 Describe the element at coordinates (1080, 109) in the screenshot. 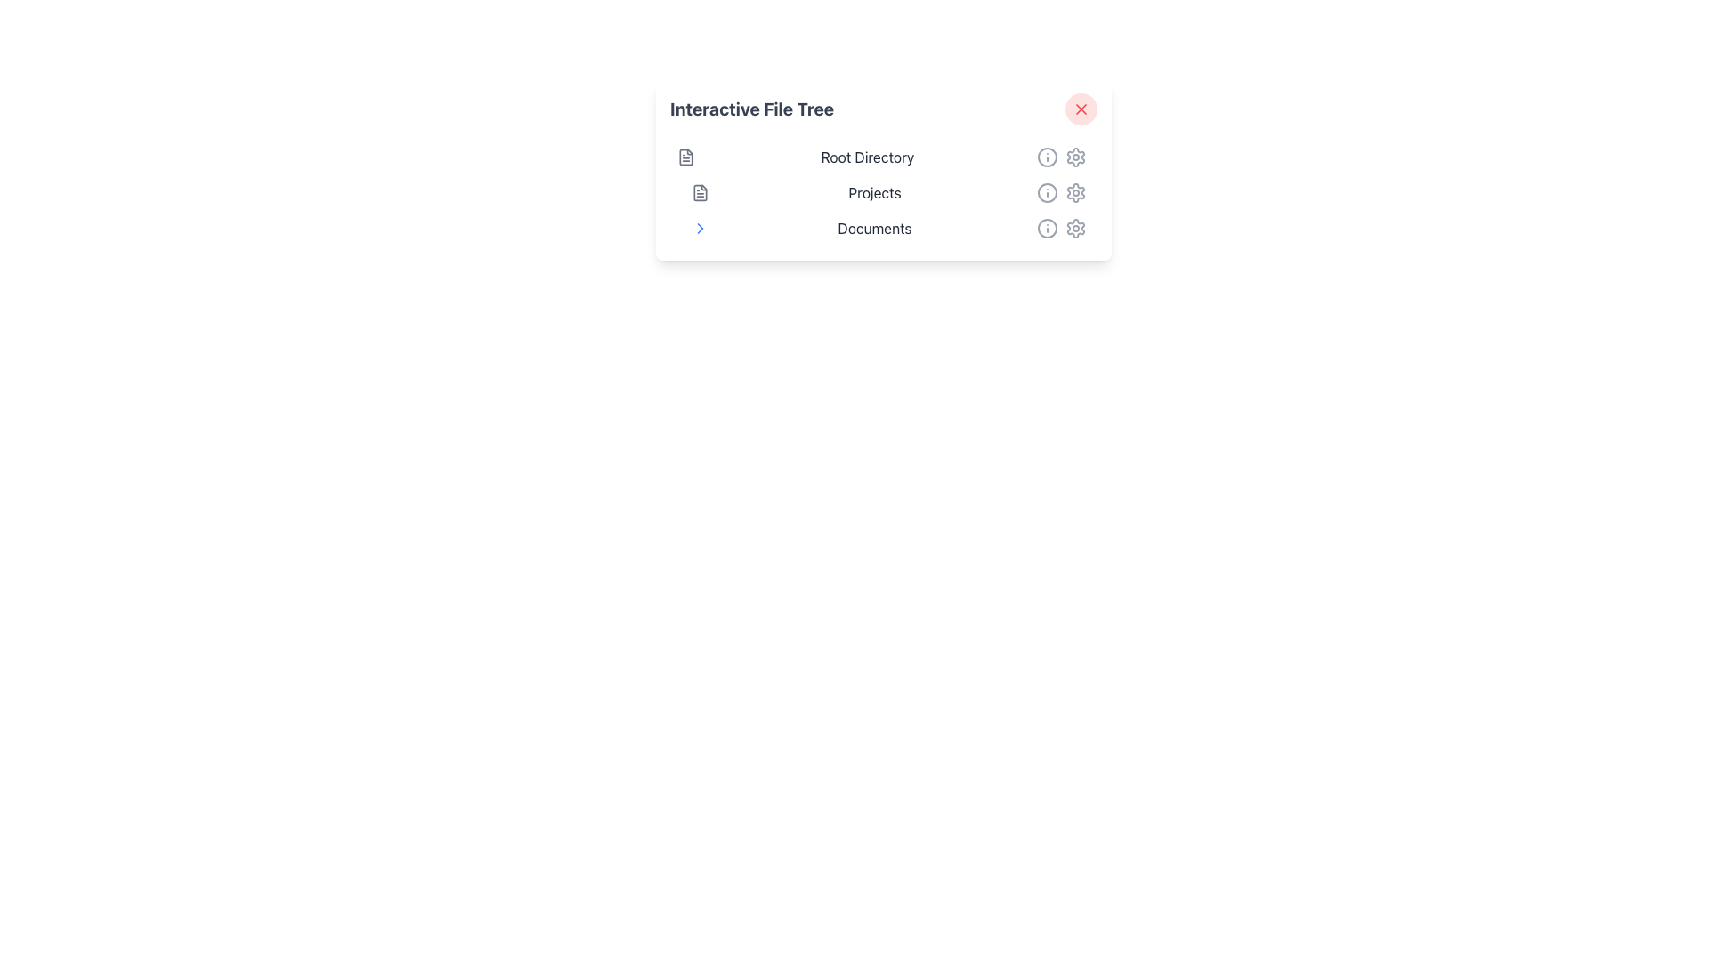

I see `the small circular button with a red background and a white 'X' icon in the top-right corner of the 'Interactive File Tree' panel to observe any hover effects` at that location.